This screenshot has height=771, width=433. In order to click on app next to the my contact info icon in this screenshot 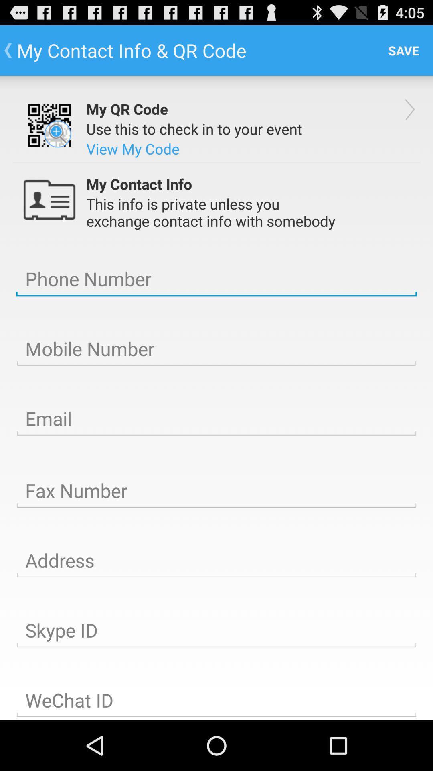, I will do `click(403, 50)`.